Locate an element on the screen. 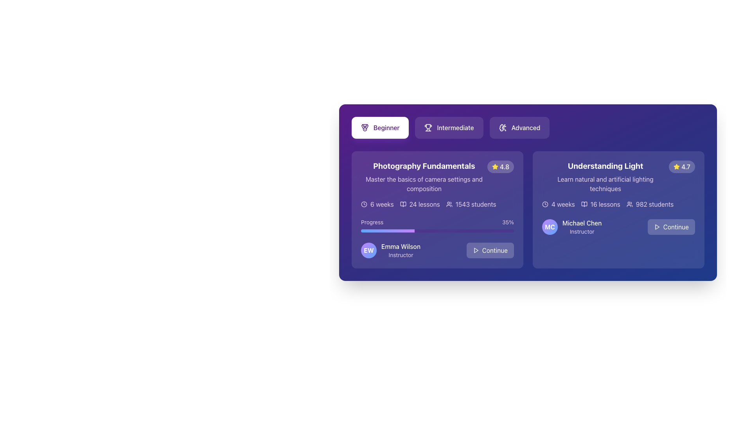 Image resolution: width=751 pixels, height=422 pixels. the Text Label that provides additional details about the course titled 'Photography Fundamentals', located below the bold text in the leftmost card of the content group is located at coordinates (424, 184).